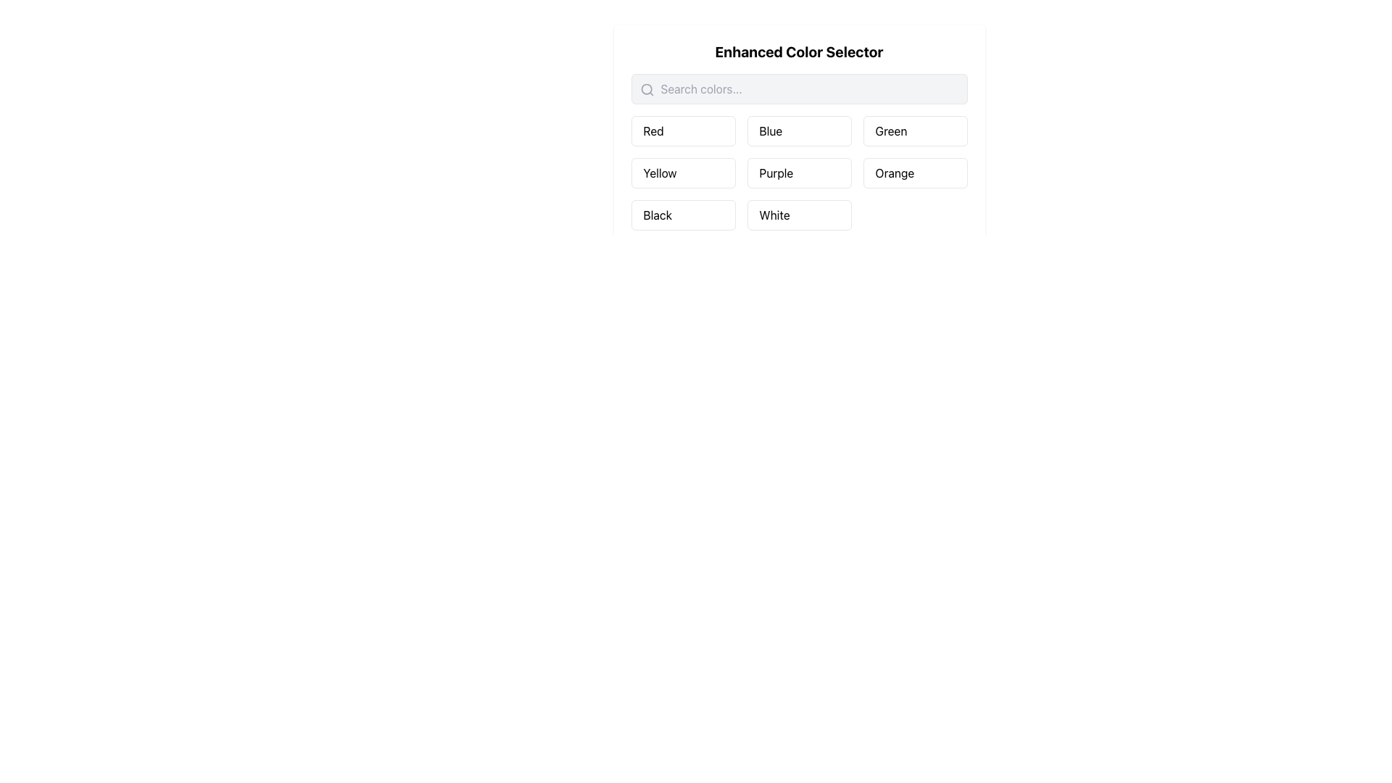 This screenshot has height=783, width=1392. What do you see at coordinates (652, 131) in the screenshot?
I see `text from the label displaying 'Red', which is located within a rectangular button with rounded corners and a white background in the grid of color options` at bounding box center [652, 131].